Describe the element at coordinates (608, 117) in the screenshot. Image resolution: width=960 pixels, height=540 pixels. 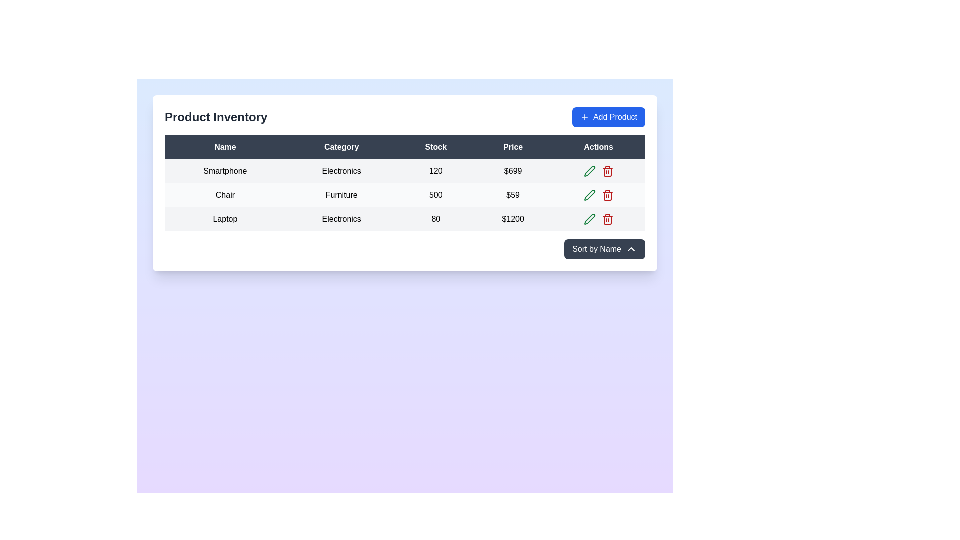
I see `the button in the top-right corner of the 'Product Inventory' header` at that location.